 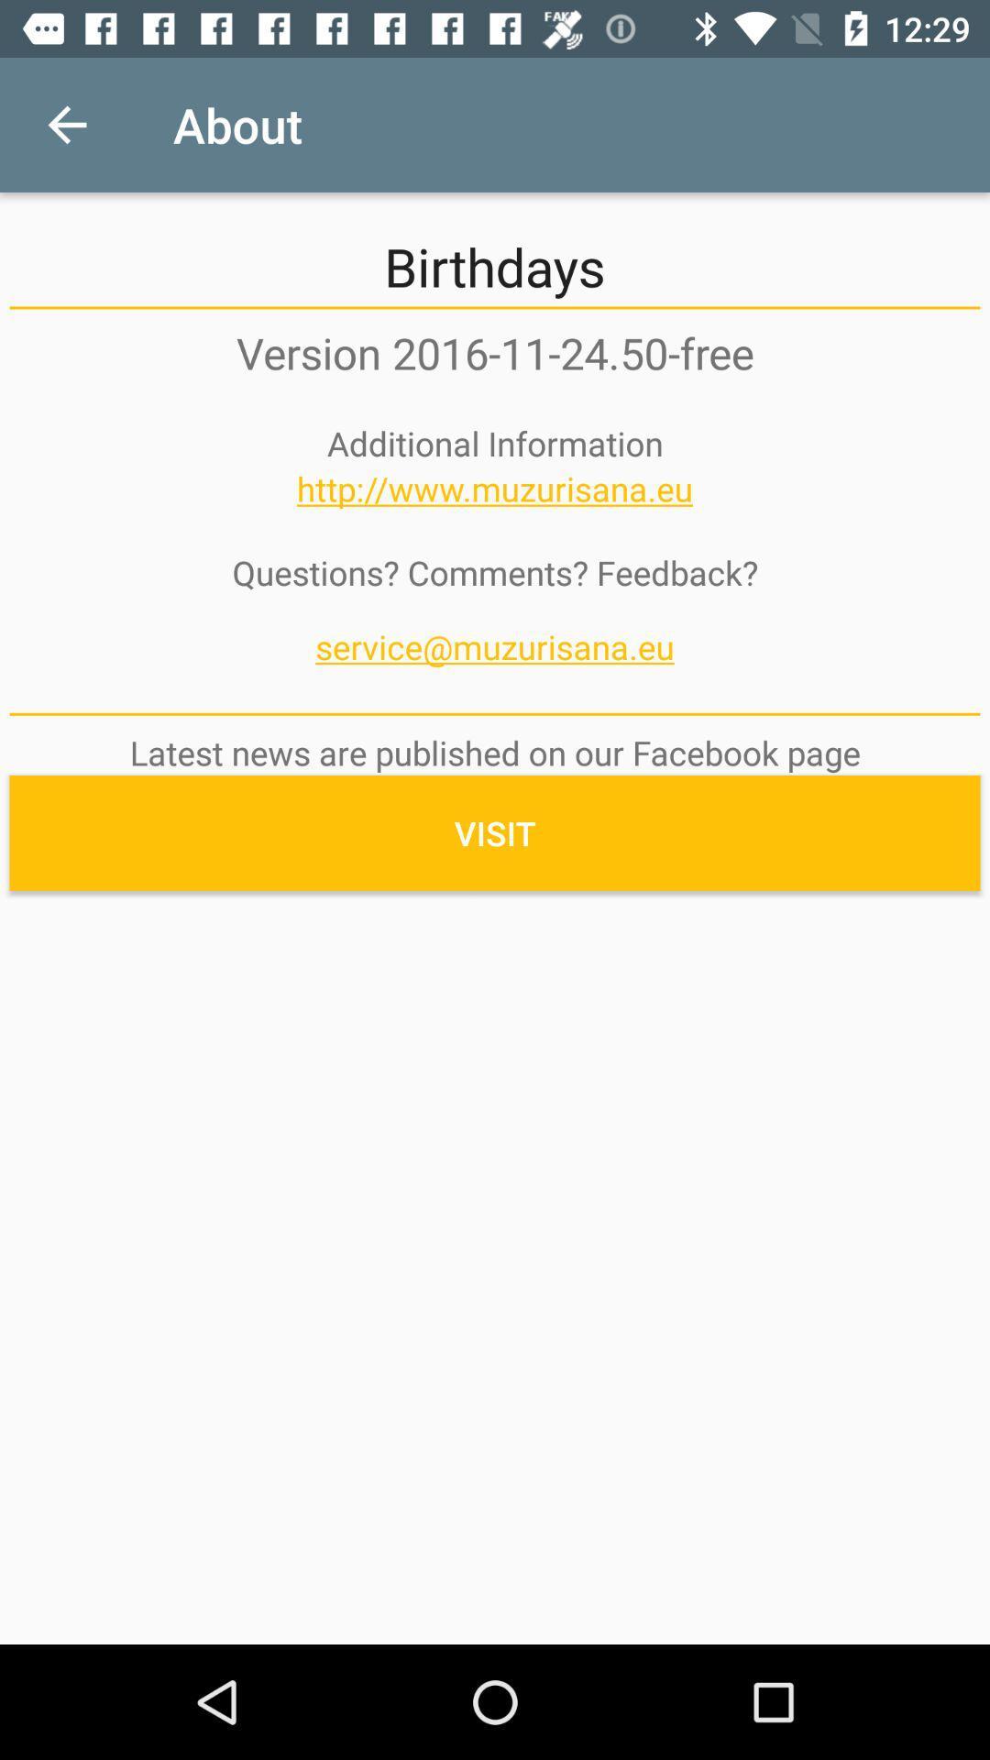 What do you see at coordinates (66, 124) in the screenshot?
I see `item next to the about icon` at bounding box center [66, 124].